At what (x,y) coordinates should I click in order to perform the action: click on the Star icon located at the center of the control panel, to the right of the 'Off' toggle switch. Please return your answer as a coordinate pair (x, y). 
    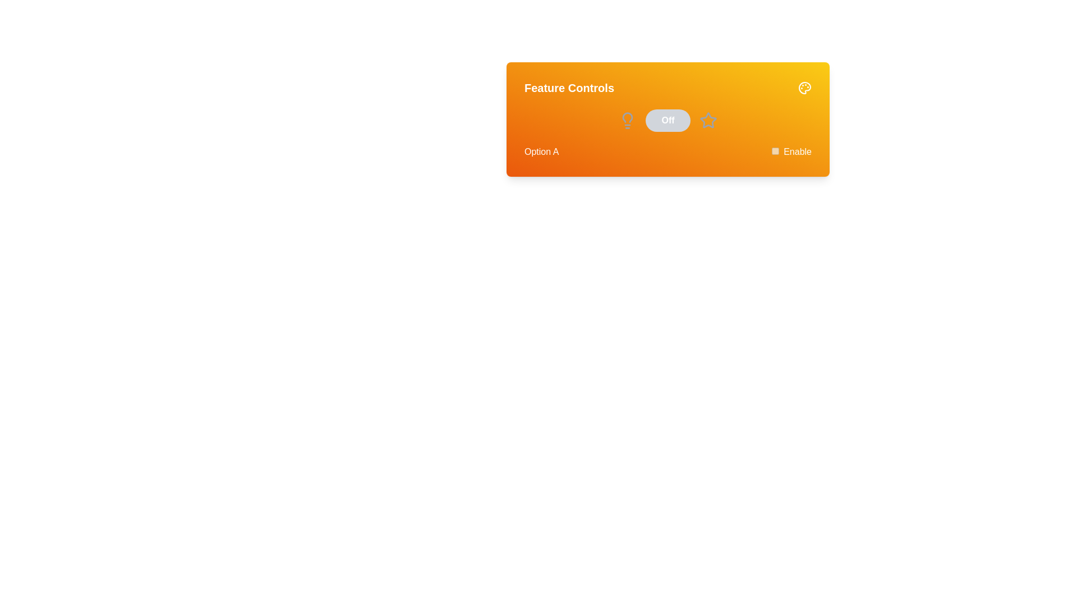
    Looking at the image, I should click on (707, 120).